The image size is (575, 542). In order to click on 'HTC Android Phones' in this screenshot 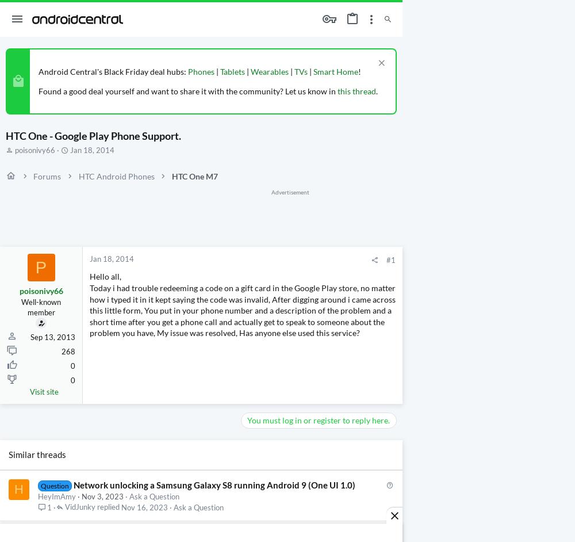, I will do `click(116, 175)`.